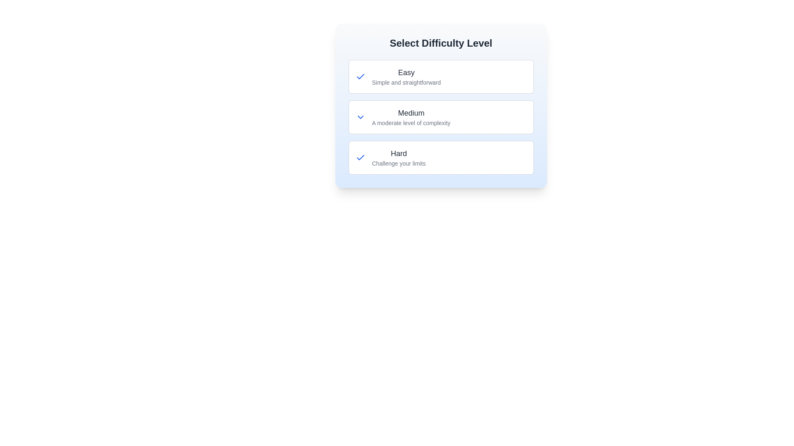 The height and width of the screenshot is (446, 794). I want to click on the blue checkmark icon in the 'Hard' difficulty selection item, which is styled in a minimalist and rounded design, so click(360, 157).